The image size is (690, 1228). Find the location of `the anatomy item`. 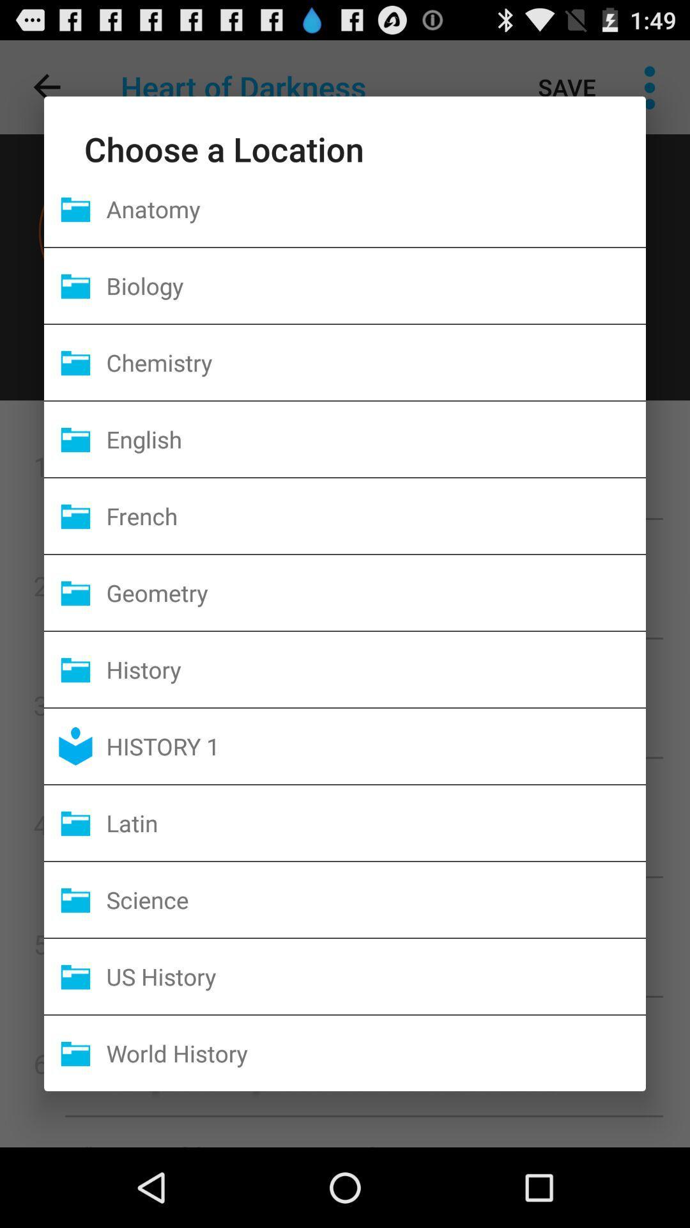

the anatomy item is located at coordinates (375, 209).